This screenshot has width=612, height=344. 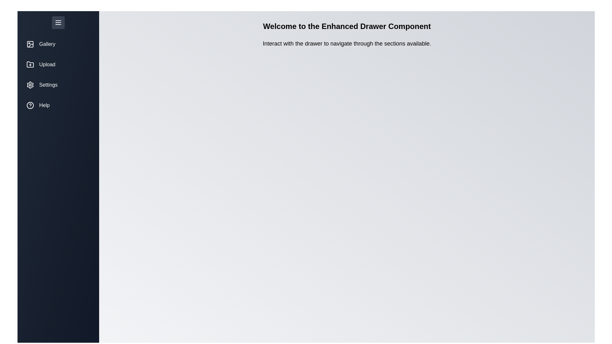 I want to click on the icon corresponding to the Upload section, so click(x=30, y=65).